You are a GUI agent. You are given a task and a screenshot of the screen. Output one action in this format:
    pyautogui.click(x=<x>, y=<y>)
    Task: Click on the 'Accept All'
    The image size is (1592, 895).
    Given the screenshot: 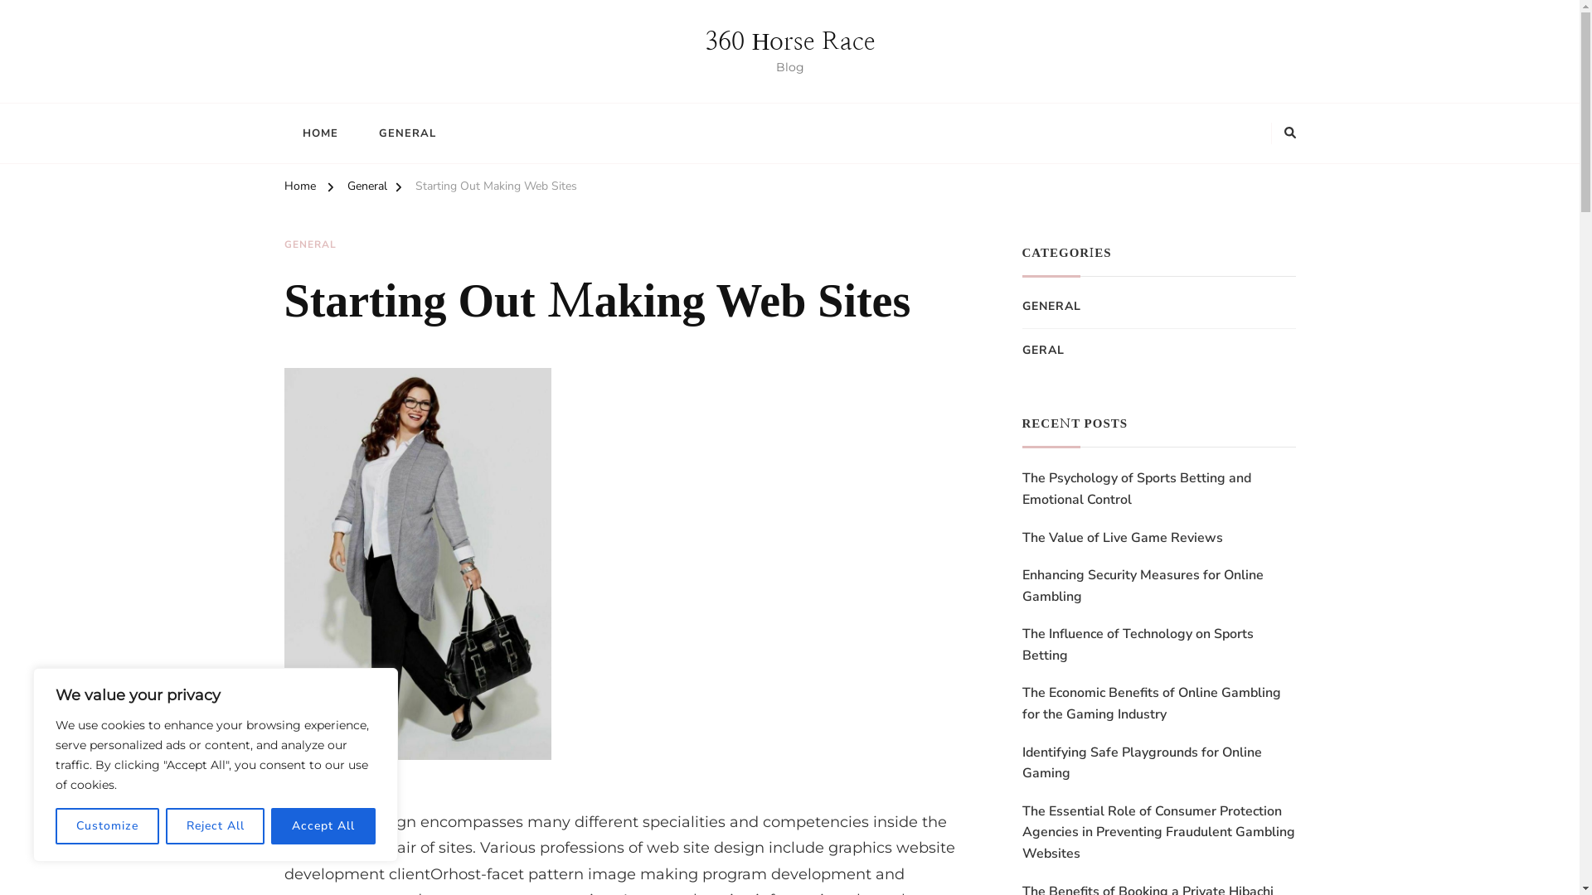 What is the action you would take?
    pyautogui.click(x=270, y=825)
    